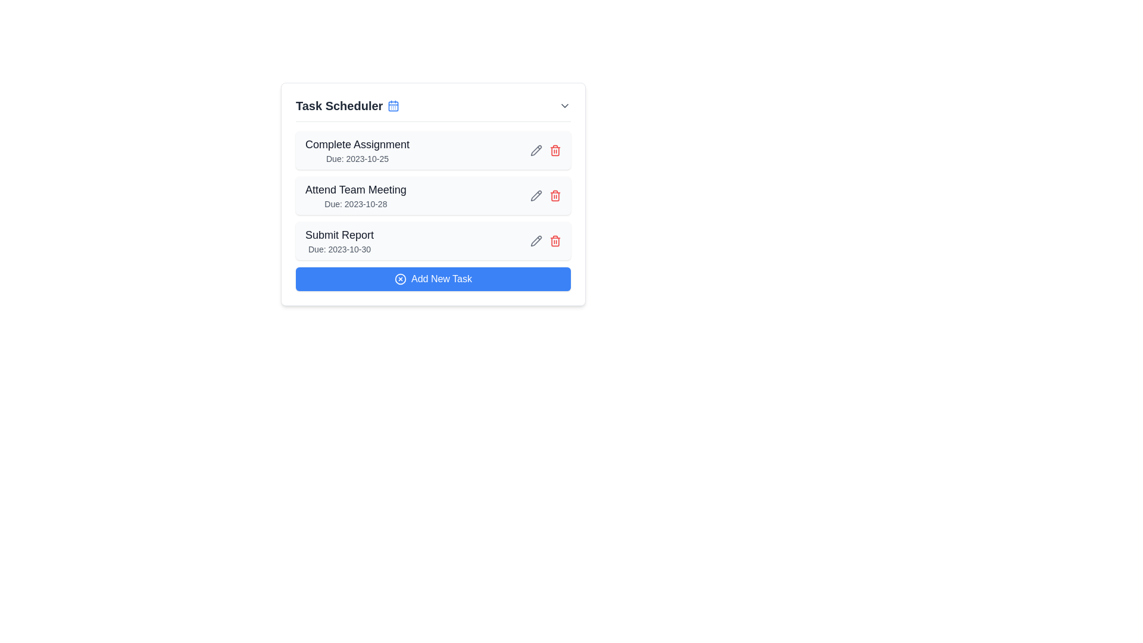 The height and width of the screenshot is (643, 1143). Describe the element at coordinates (355, 195) in the screenshot. I see `the second task entry in the task scheduler that displays the task title and its due date, located between 'Complete Assignment' and 'Submit Report'` at that location.